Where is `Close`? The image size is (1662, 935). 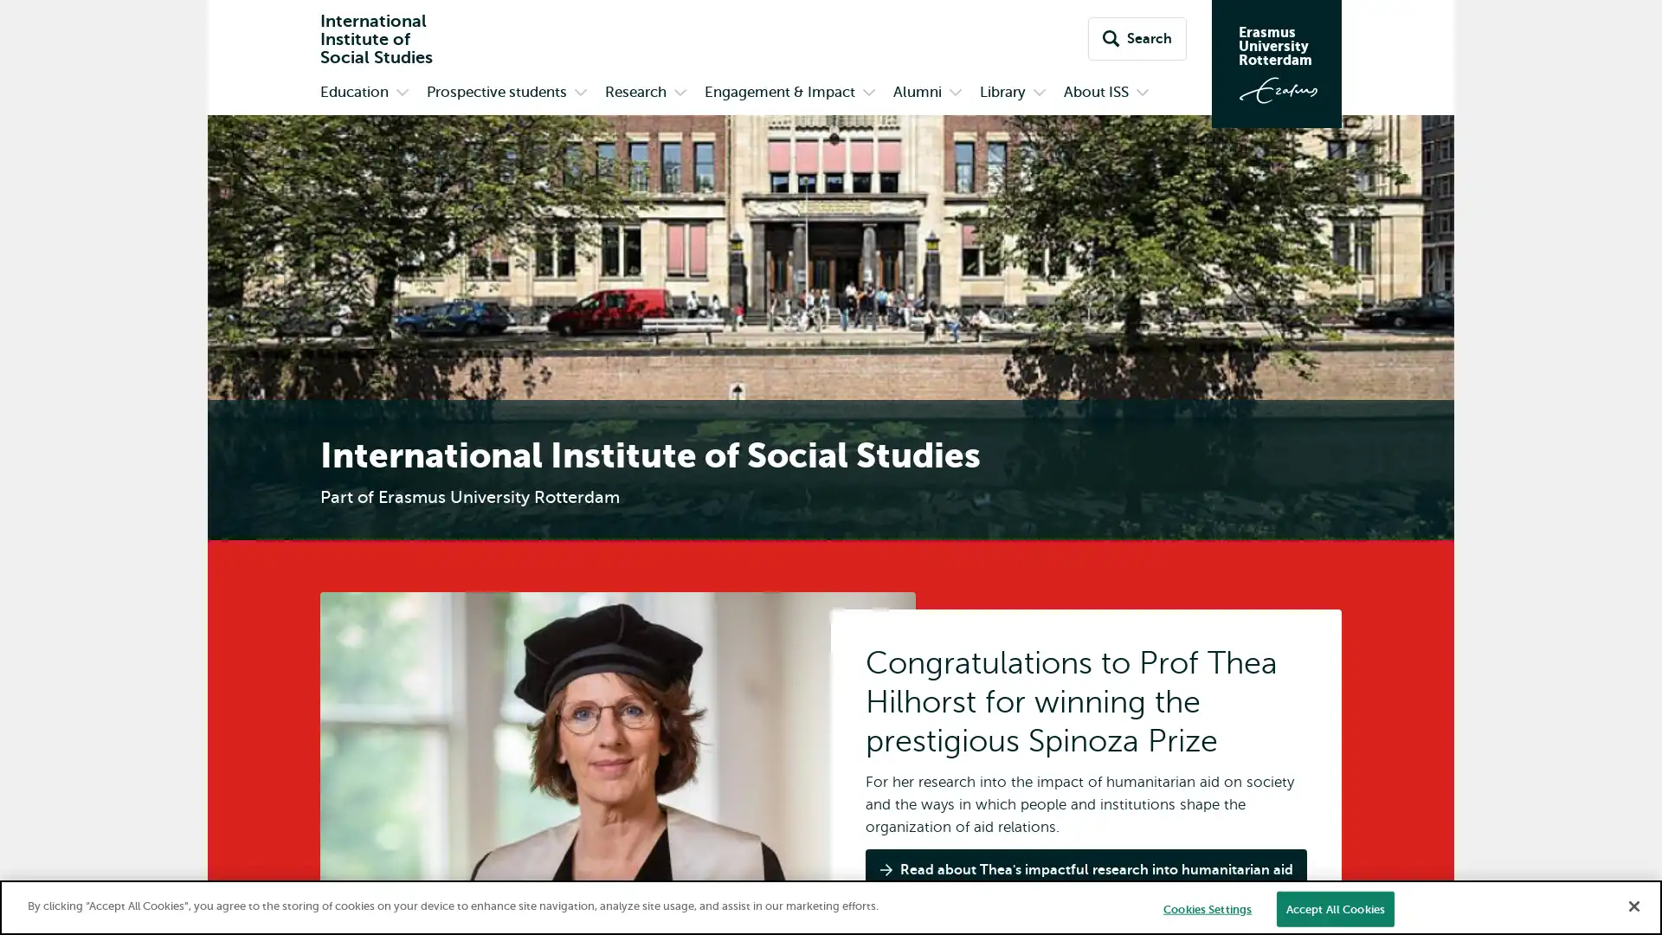
Close is located at coordinates (1633, 904).